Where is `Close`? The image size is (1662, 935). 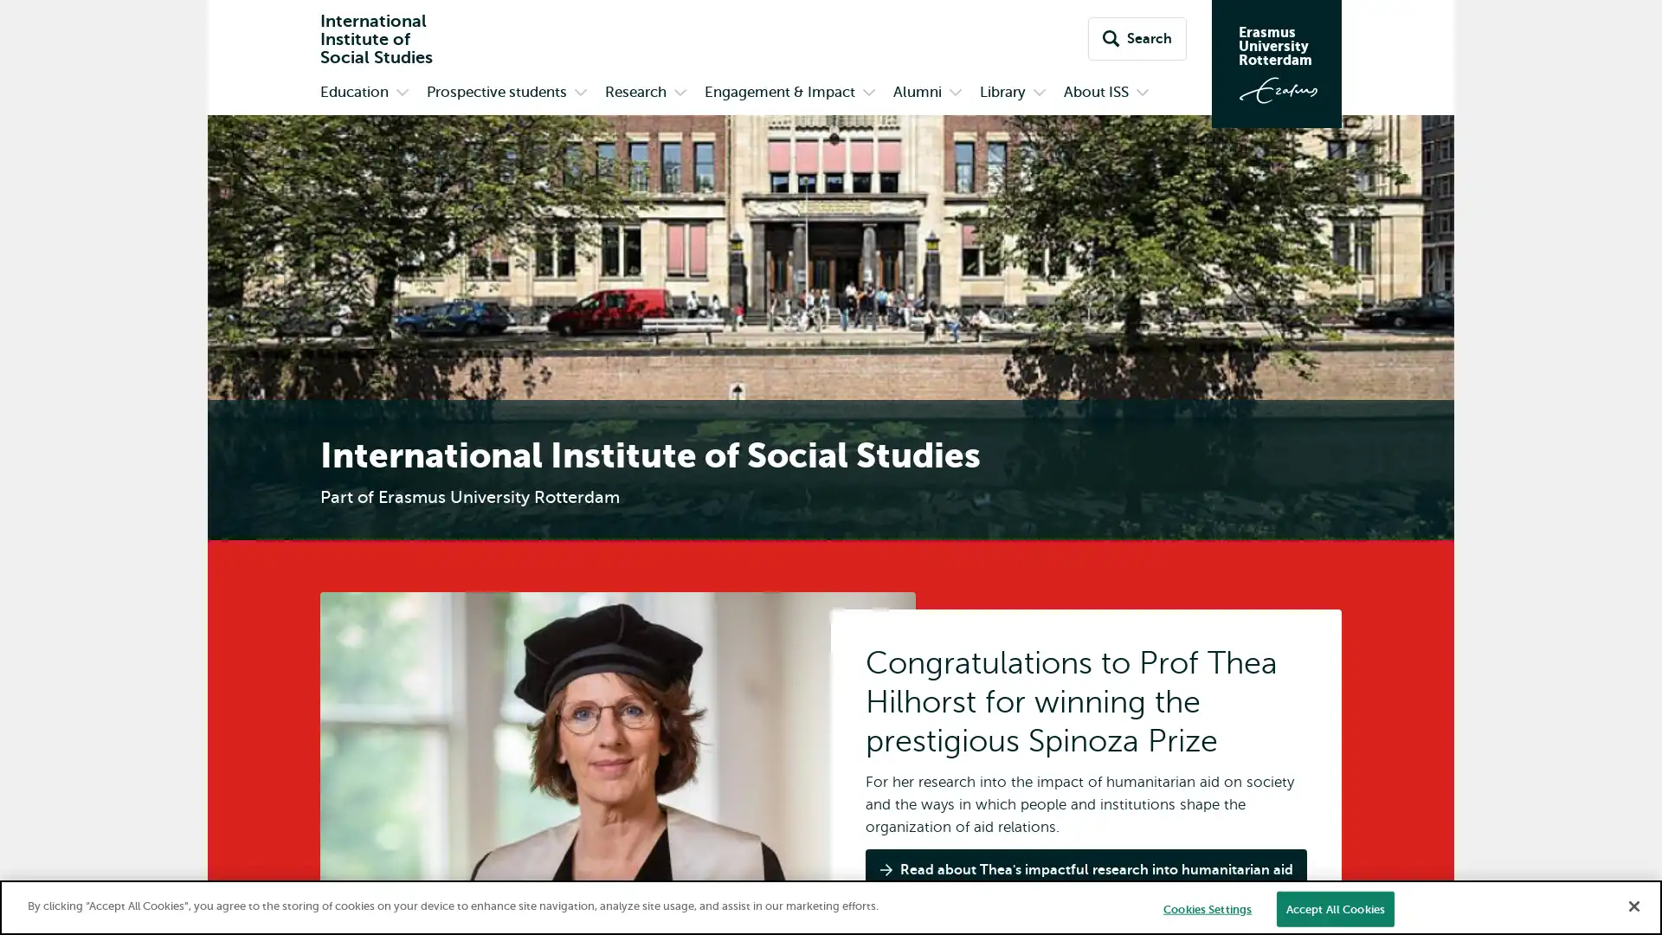
Close is located at coordinates (1633, 904).